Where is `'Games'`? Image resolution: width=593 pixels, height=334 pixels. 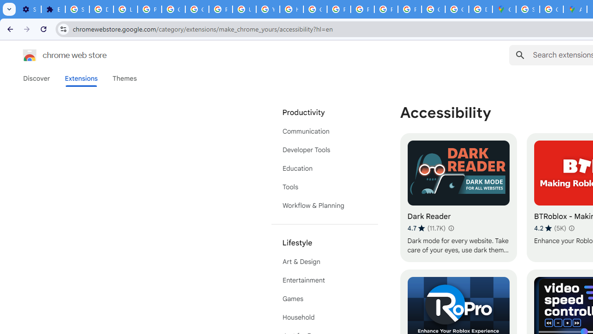
'Games' is located at coordinates (324, 299).